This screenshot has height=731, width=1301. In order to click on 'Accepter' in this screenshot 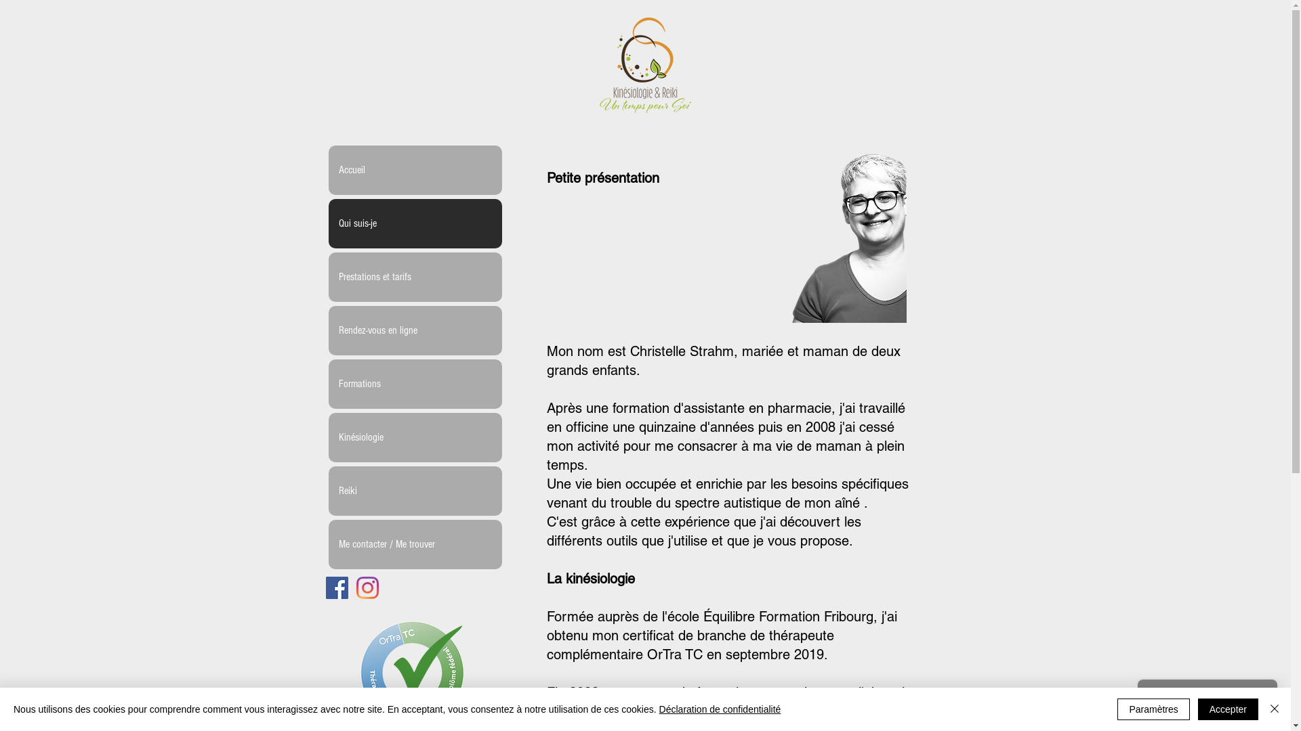, I will do `click(1228, 709)`.